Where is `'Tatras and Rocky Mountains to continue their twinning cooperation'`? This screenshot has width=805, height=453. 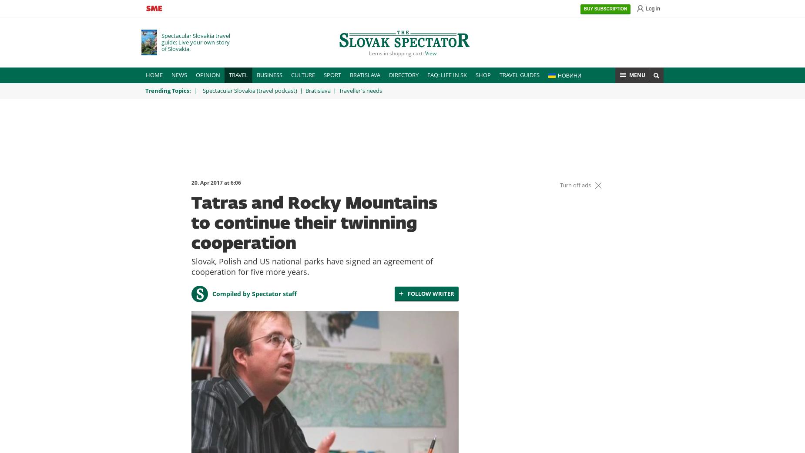
'Tatras and Rocky Mountains to continue their twinning cooperation' is located at coordinates (191, 223).